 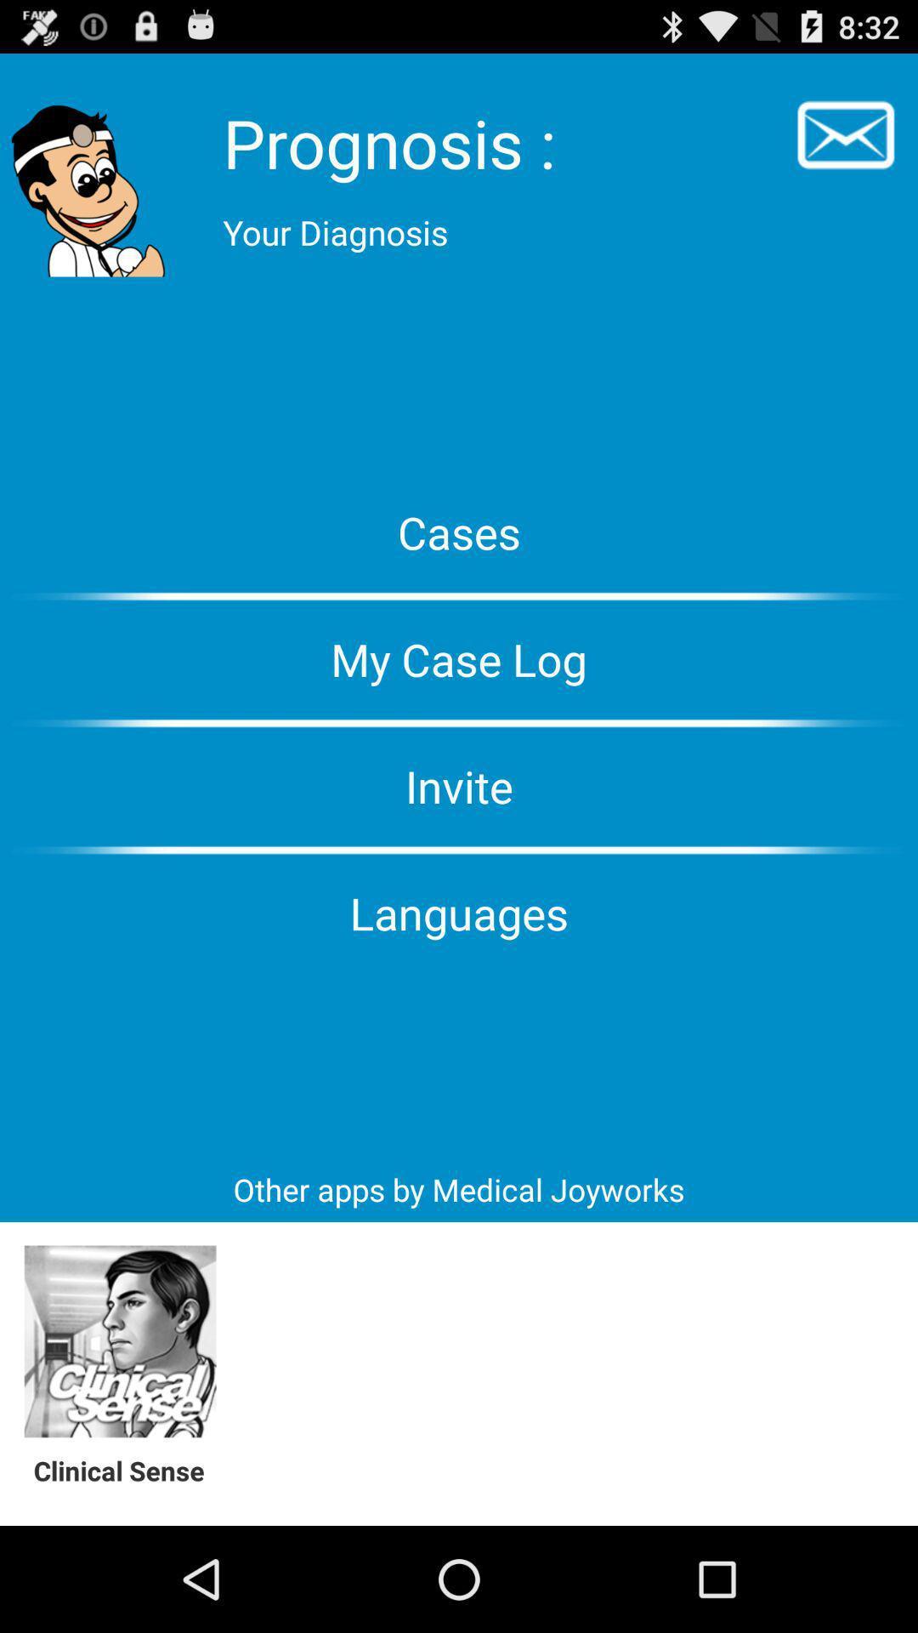 I want to click on languages item, so click(x=459, y=912).